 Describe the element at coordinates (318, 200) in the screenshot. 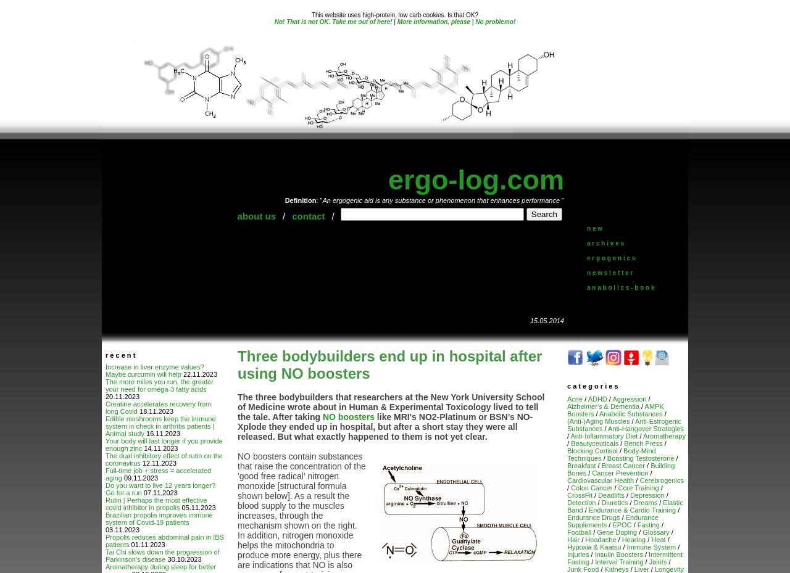

I see `': "'` at that location.